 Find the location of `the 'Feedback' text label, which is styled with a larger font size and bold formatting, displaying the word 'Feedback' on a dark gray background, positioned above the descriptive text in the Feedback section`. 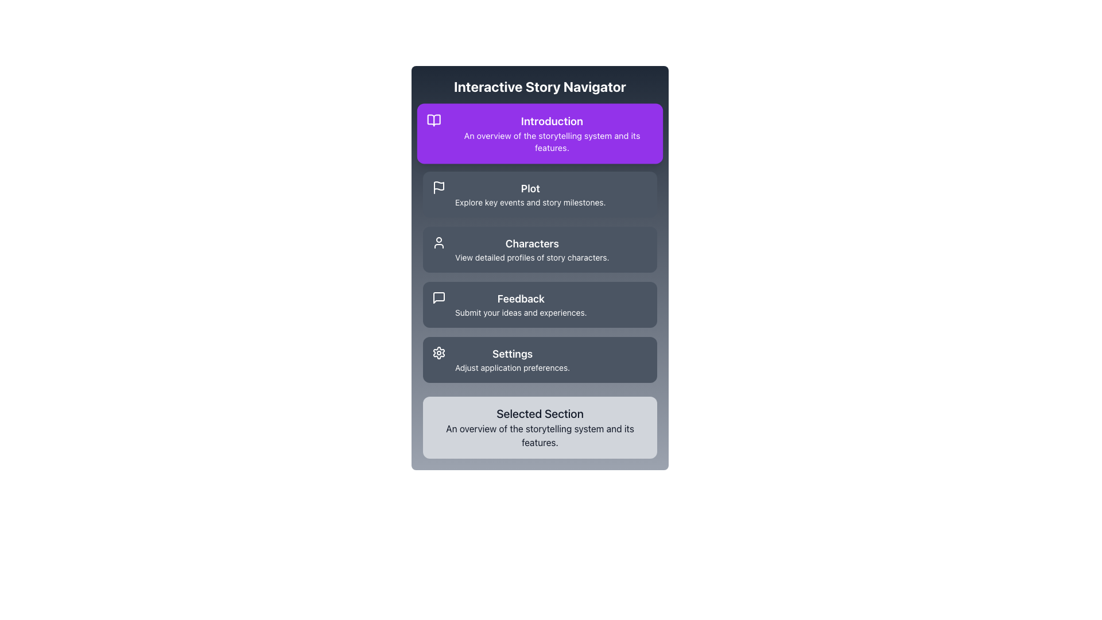

the 'Feedback' text label, which is styled with a larger font size and bold formatting, displaying the word 'Feedback' on a dark gray background, positioned above the descriptive text in the Feedback section is located at coordinates (520, 298).